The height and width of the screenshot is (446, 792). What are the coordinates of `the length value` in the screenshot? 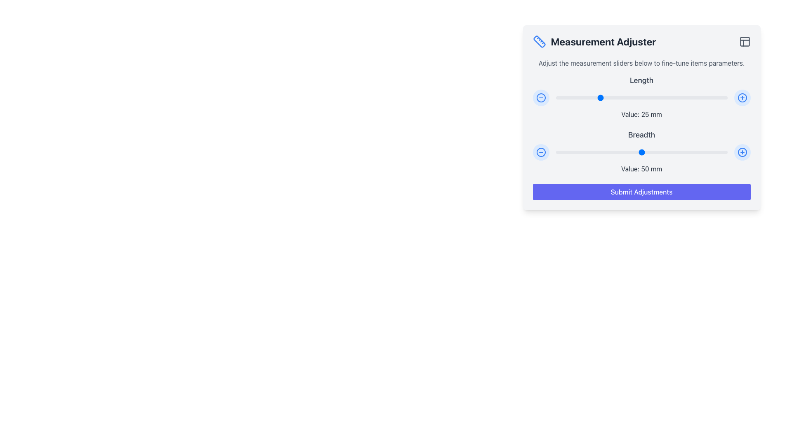 It's located at (679, 97).